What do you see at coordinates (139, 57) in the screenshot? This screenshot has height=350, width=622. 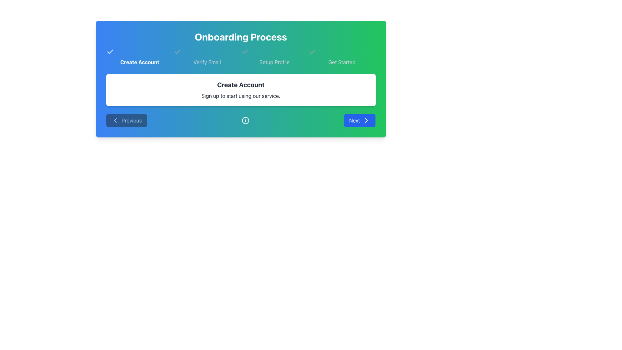 I see `the first step text label in the navigation bar that indicates progress in the onboarding process` at bounding box center [139, 57].